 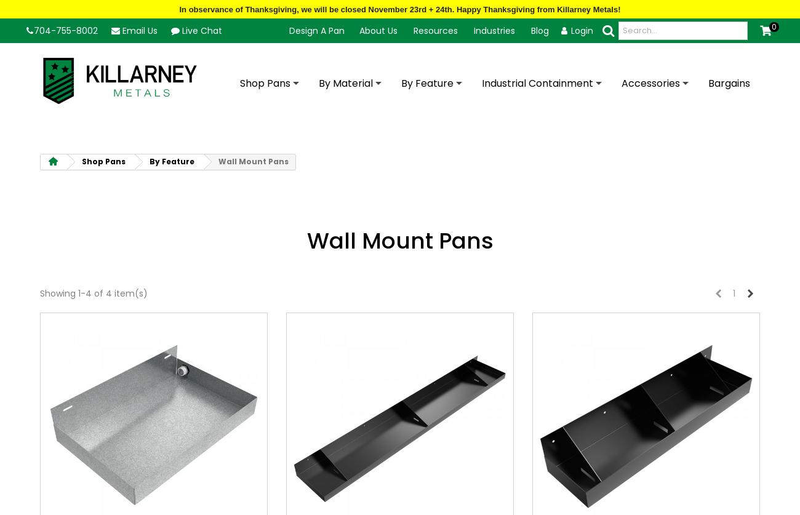 I want to click on 'About Us', so click(x=358, y=30).